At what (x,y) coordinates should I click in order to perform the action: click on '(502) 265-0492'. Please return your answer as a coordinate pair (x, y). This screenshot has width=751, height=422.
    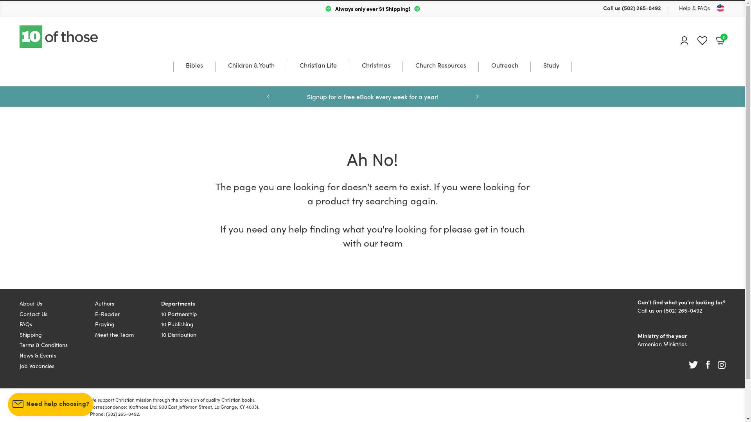
    Looking at the image, I should click on (641, 7).